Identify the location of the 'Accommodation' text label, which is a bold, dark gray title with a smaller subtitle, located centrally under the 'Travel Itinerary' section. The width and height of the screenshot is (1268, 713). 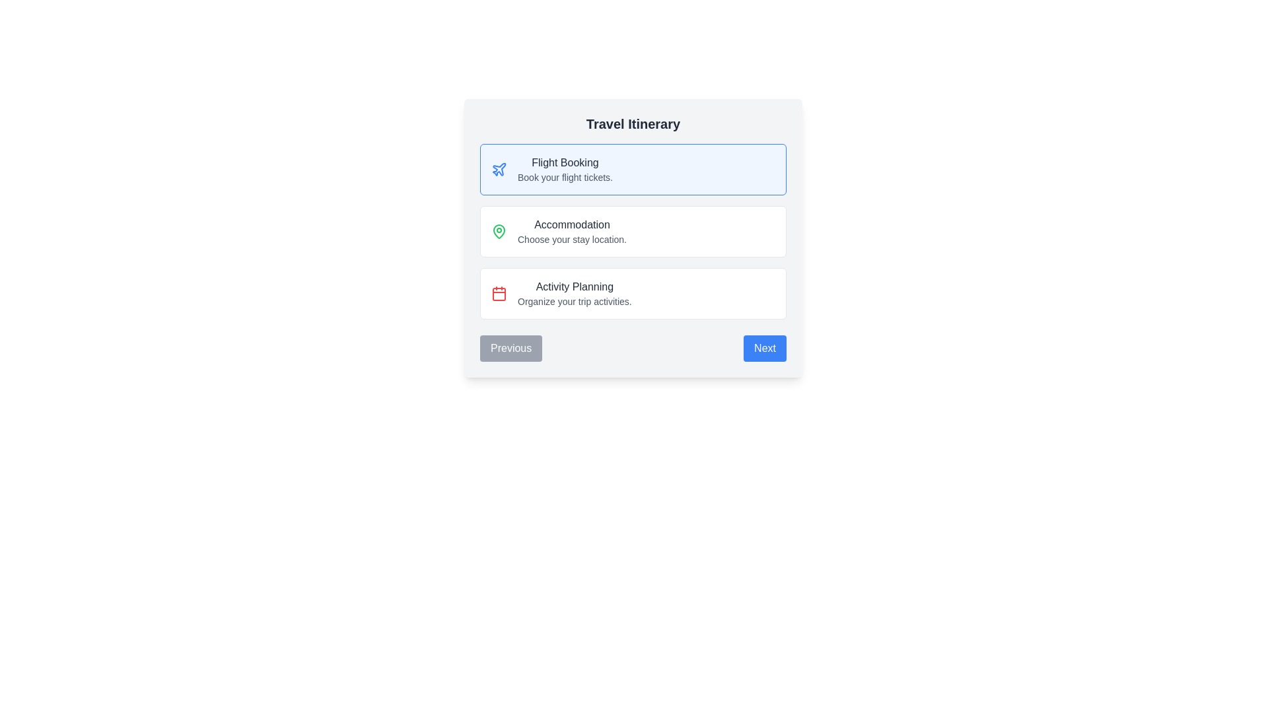
(572, 231).